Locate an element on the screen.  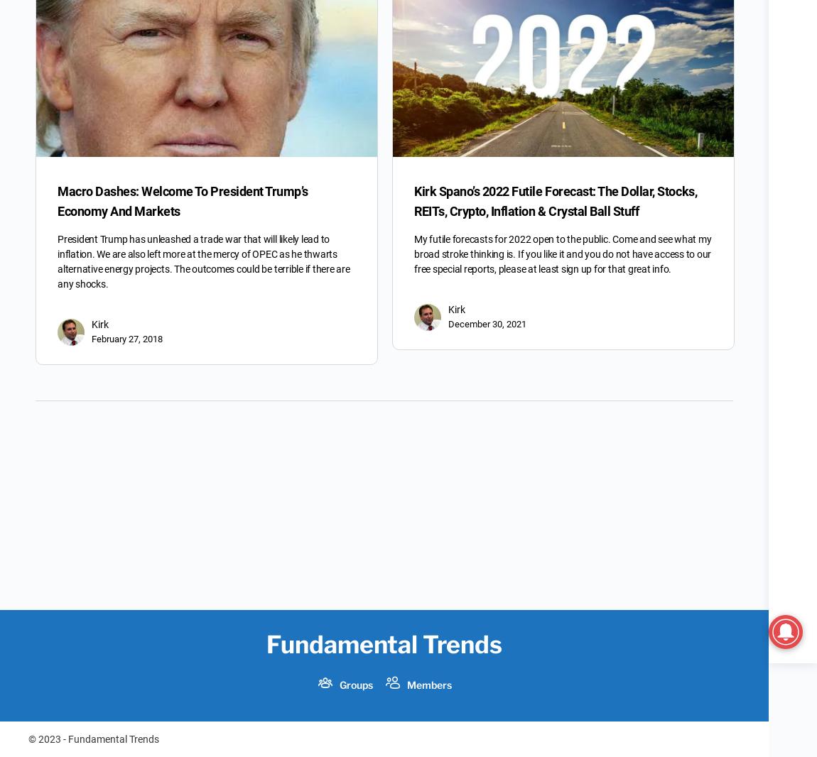
'© 2023 - Fundamental Trends' is located at coordinates (28, 739).